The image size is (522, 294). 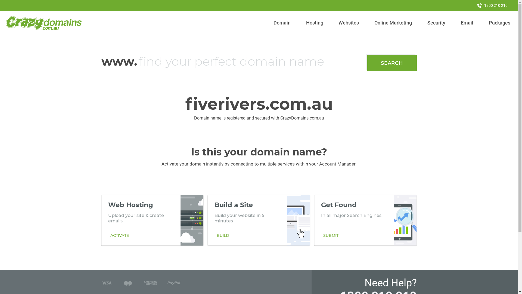 I want to click on 'Domain', so click(x=282, y=23).